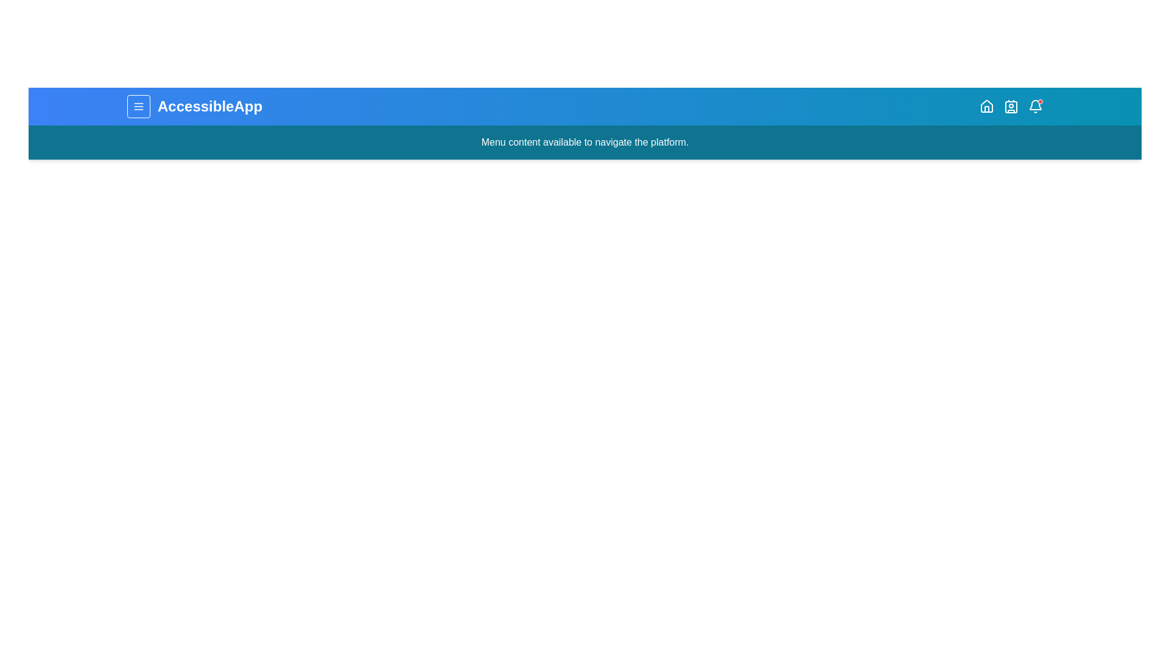  Describe the element at coordinates (1011, 105) in the screenshot. I see `the Contact icon to navigate to the Contact section` at that location.